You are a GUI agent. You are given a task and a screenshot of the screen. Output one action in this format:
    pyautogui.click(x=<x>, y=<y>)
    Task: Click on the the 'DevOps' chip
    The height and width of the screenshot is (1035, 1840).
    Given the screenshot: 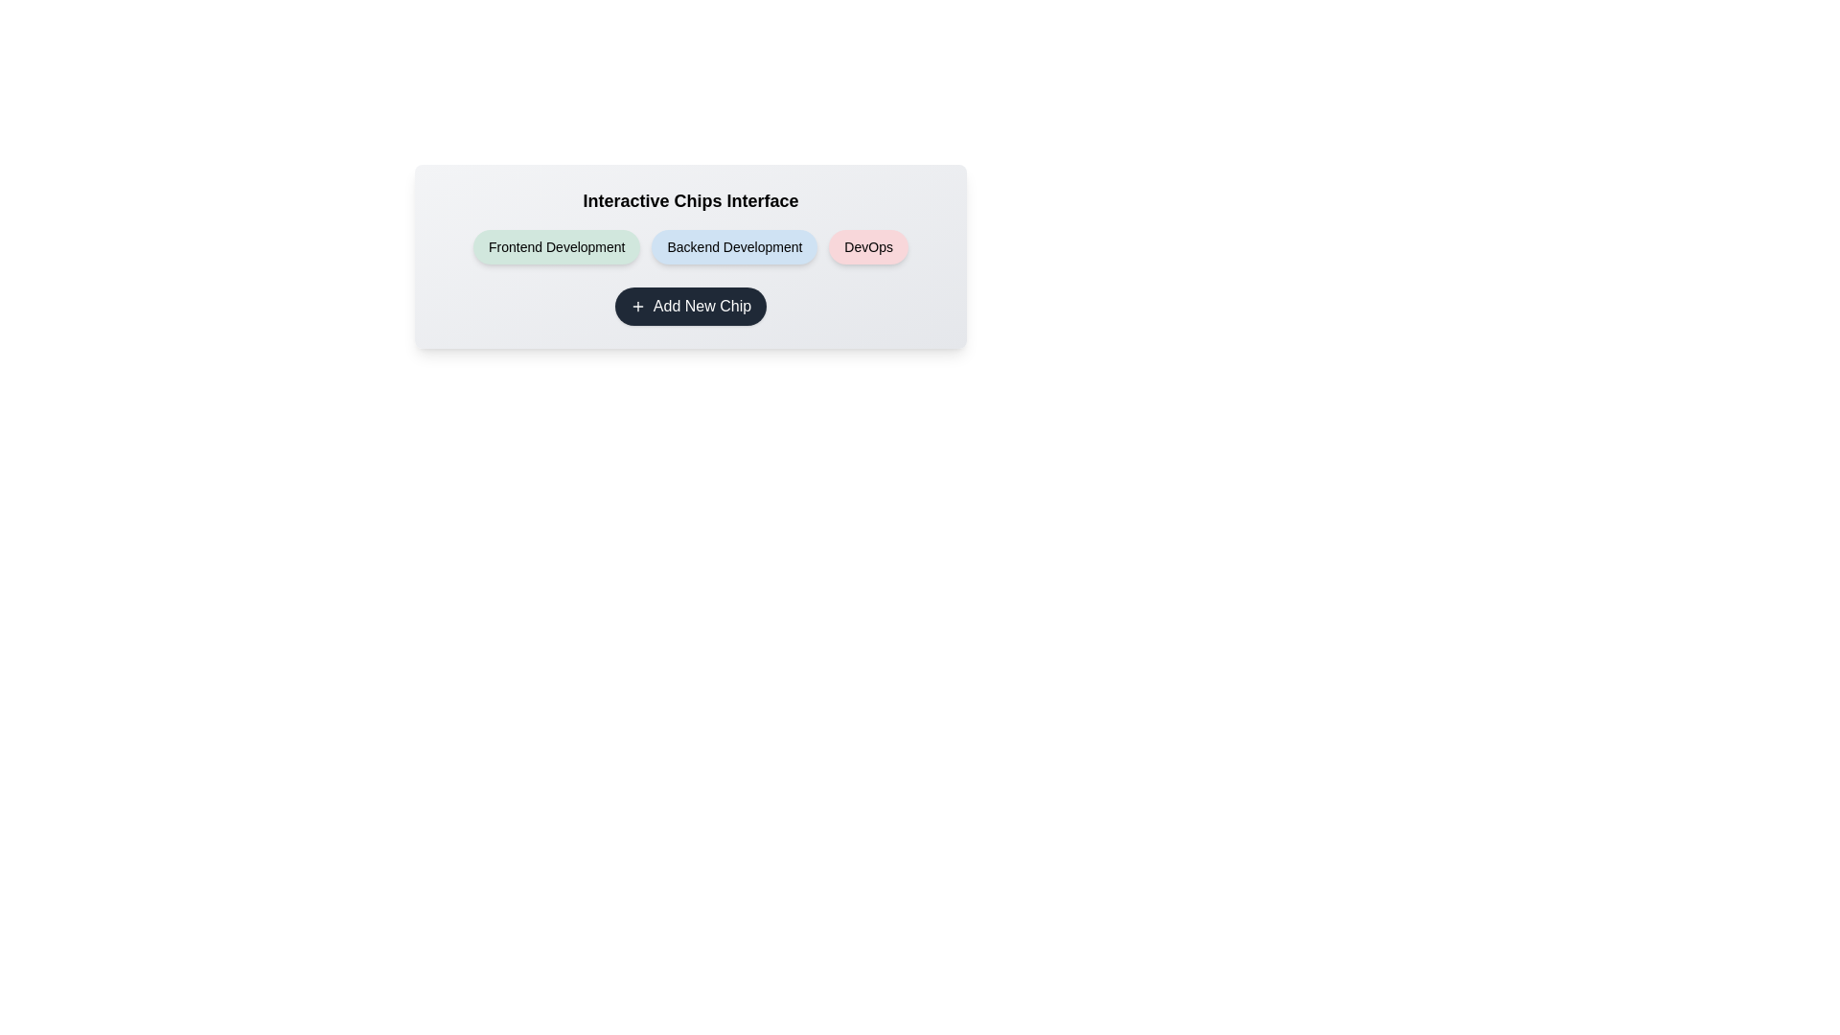 What is the action you would take?
    pyautogui.click(x=867, y=246)
    